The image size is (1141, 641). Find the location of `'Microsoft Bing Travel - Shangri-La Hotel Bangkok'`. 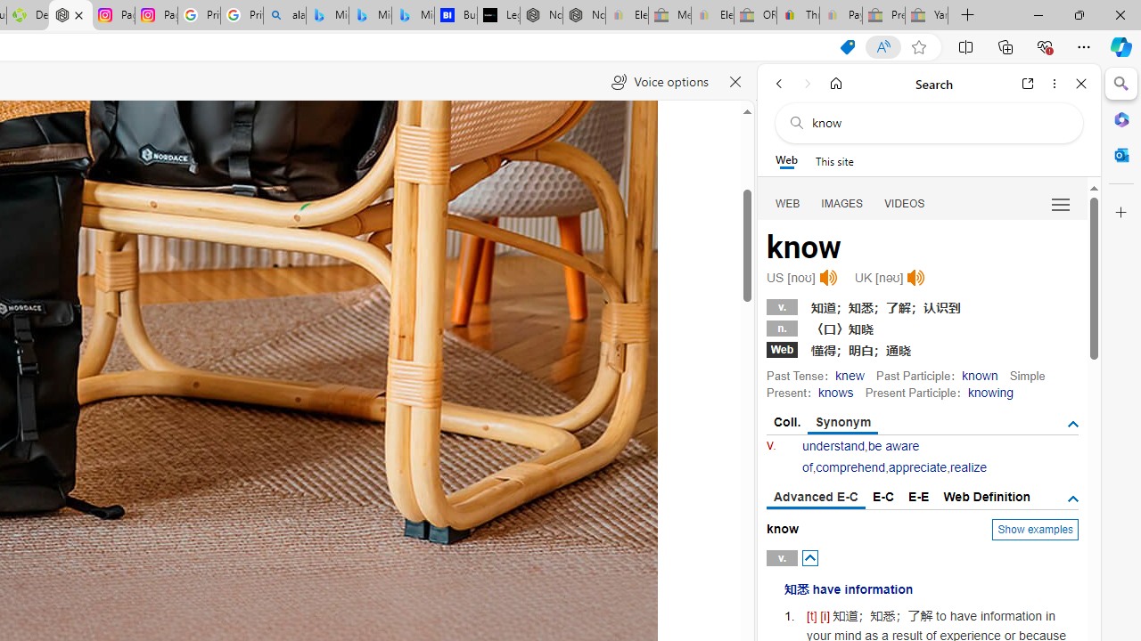

'Microsoft Bing Travel - Shangri-La Hotel Bangkok' is located at coordinates (413, 15).